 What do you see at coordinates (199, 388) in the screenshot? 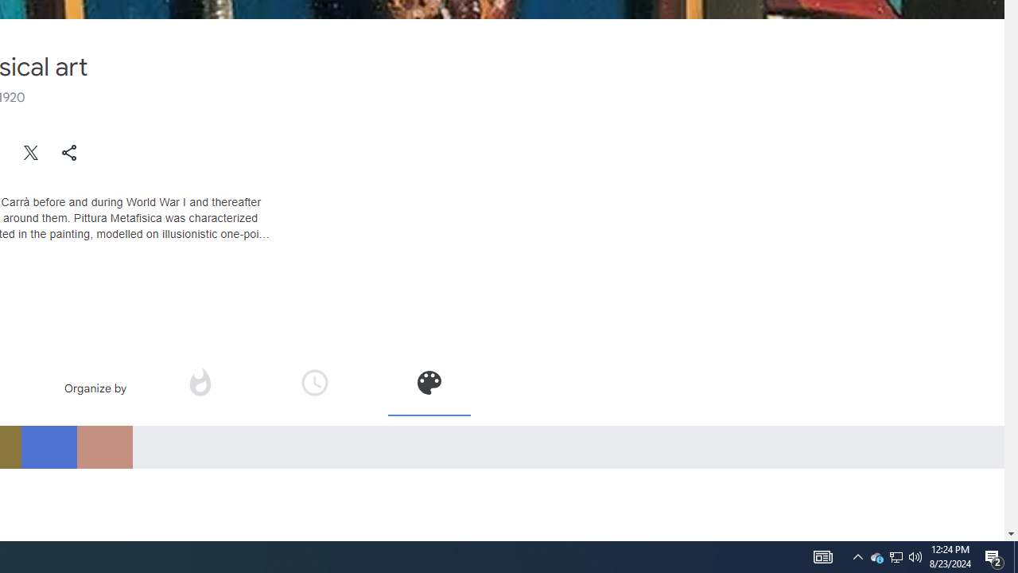
I see `'Organize by popularity'` at bounding box center [199, 388].